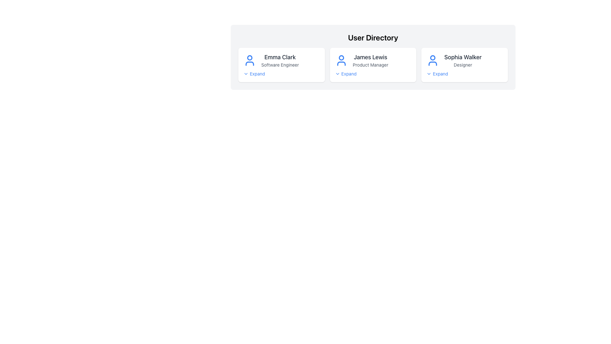 Image resolution: width=611 pixels, height=344 pixels. I want to click on the user icon representing 'Sophia Walker' located in the top-left corner of her card layout, so click(433, 60).